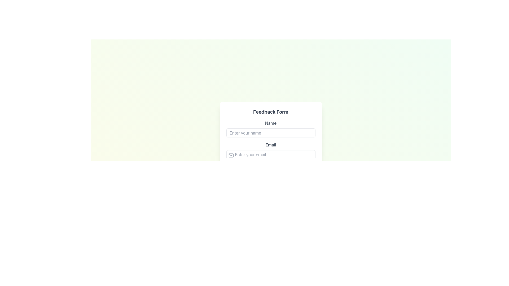  I want to click on the 'Name' label which identifies the input field for entering a name, positioned above the corresponding input field, so click(271, 123).